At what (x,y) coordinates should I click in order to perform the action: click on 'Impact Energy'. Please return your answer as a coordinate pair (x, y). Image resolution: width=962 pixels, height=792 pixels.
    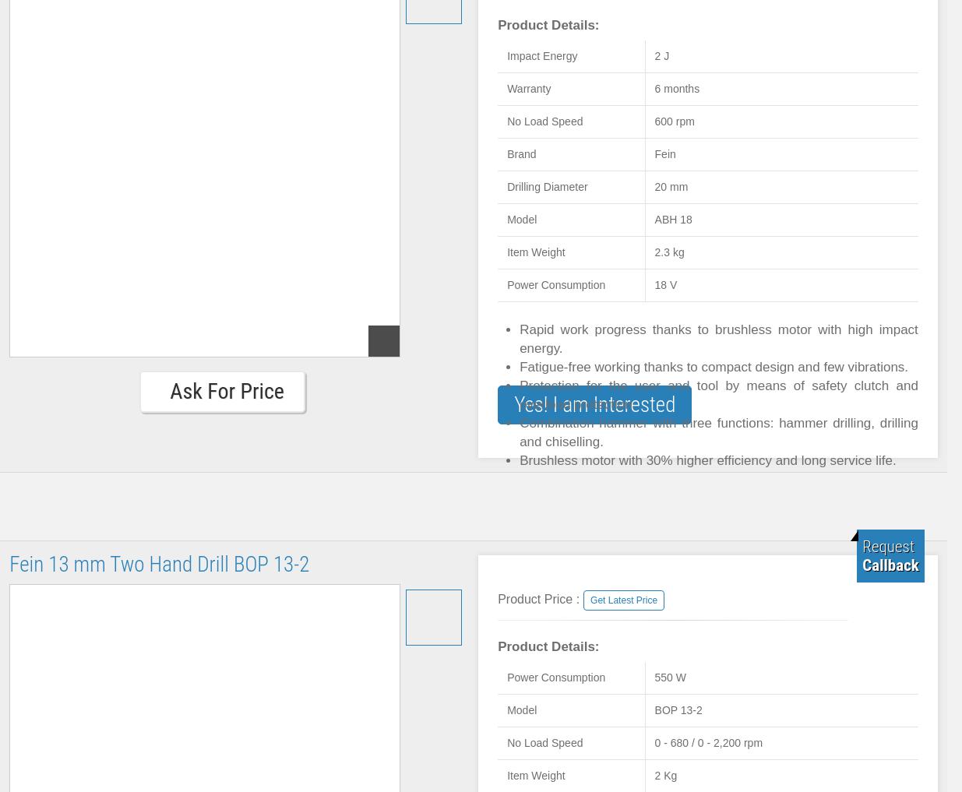
    Looking at the image, I should click on (542, 56).